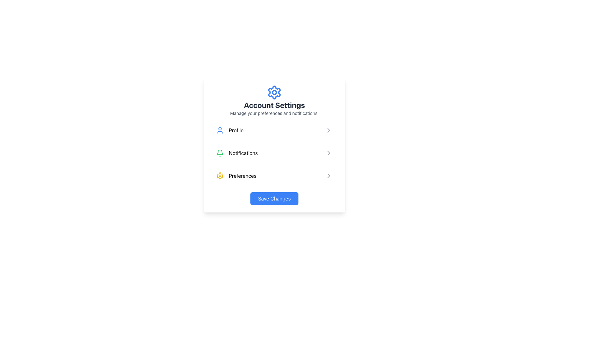 This screenshot has width=607, height=341. I want to click on the central circle of the gear-shaped graphic located above the 'Account Settings' header, so click(274, 93).